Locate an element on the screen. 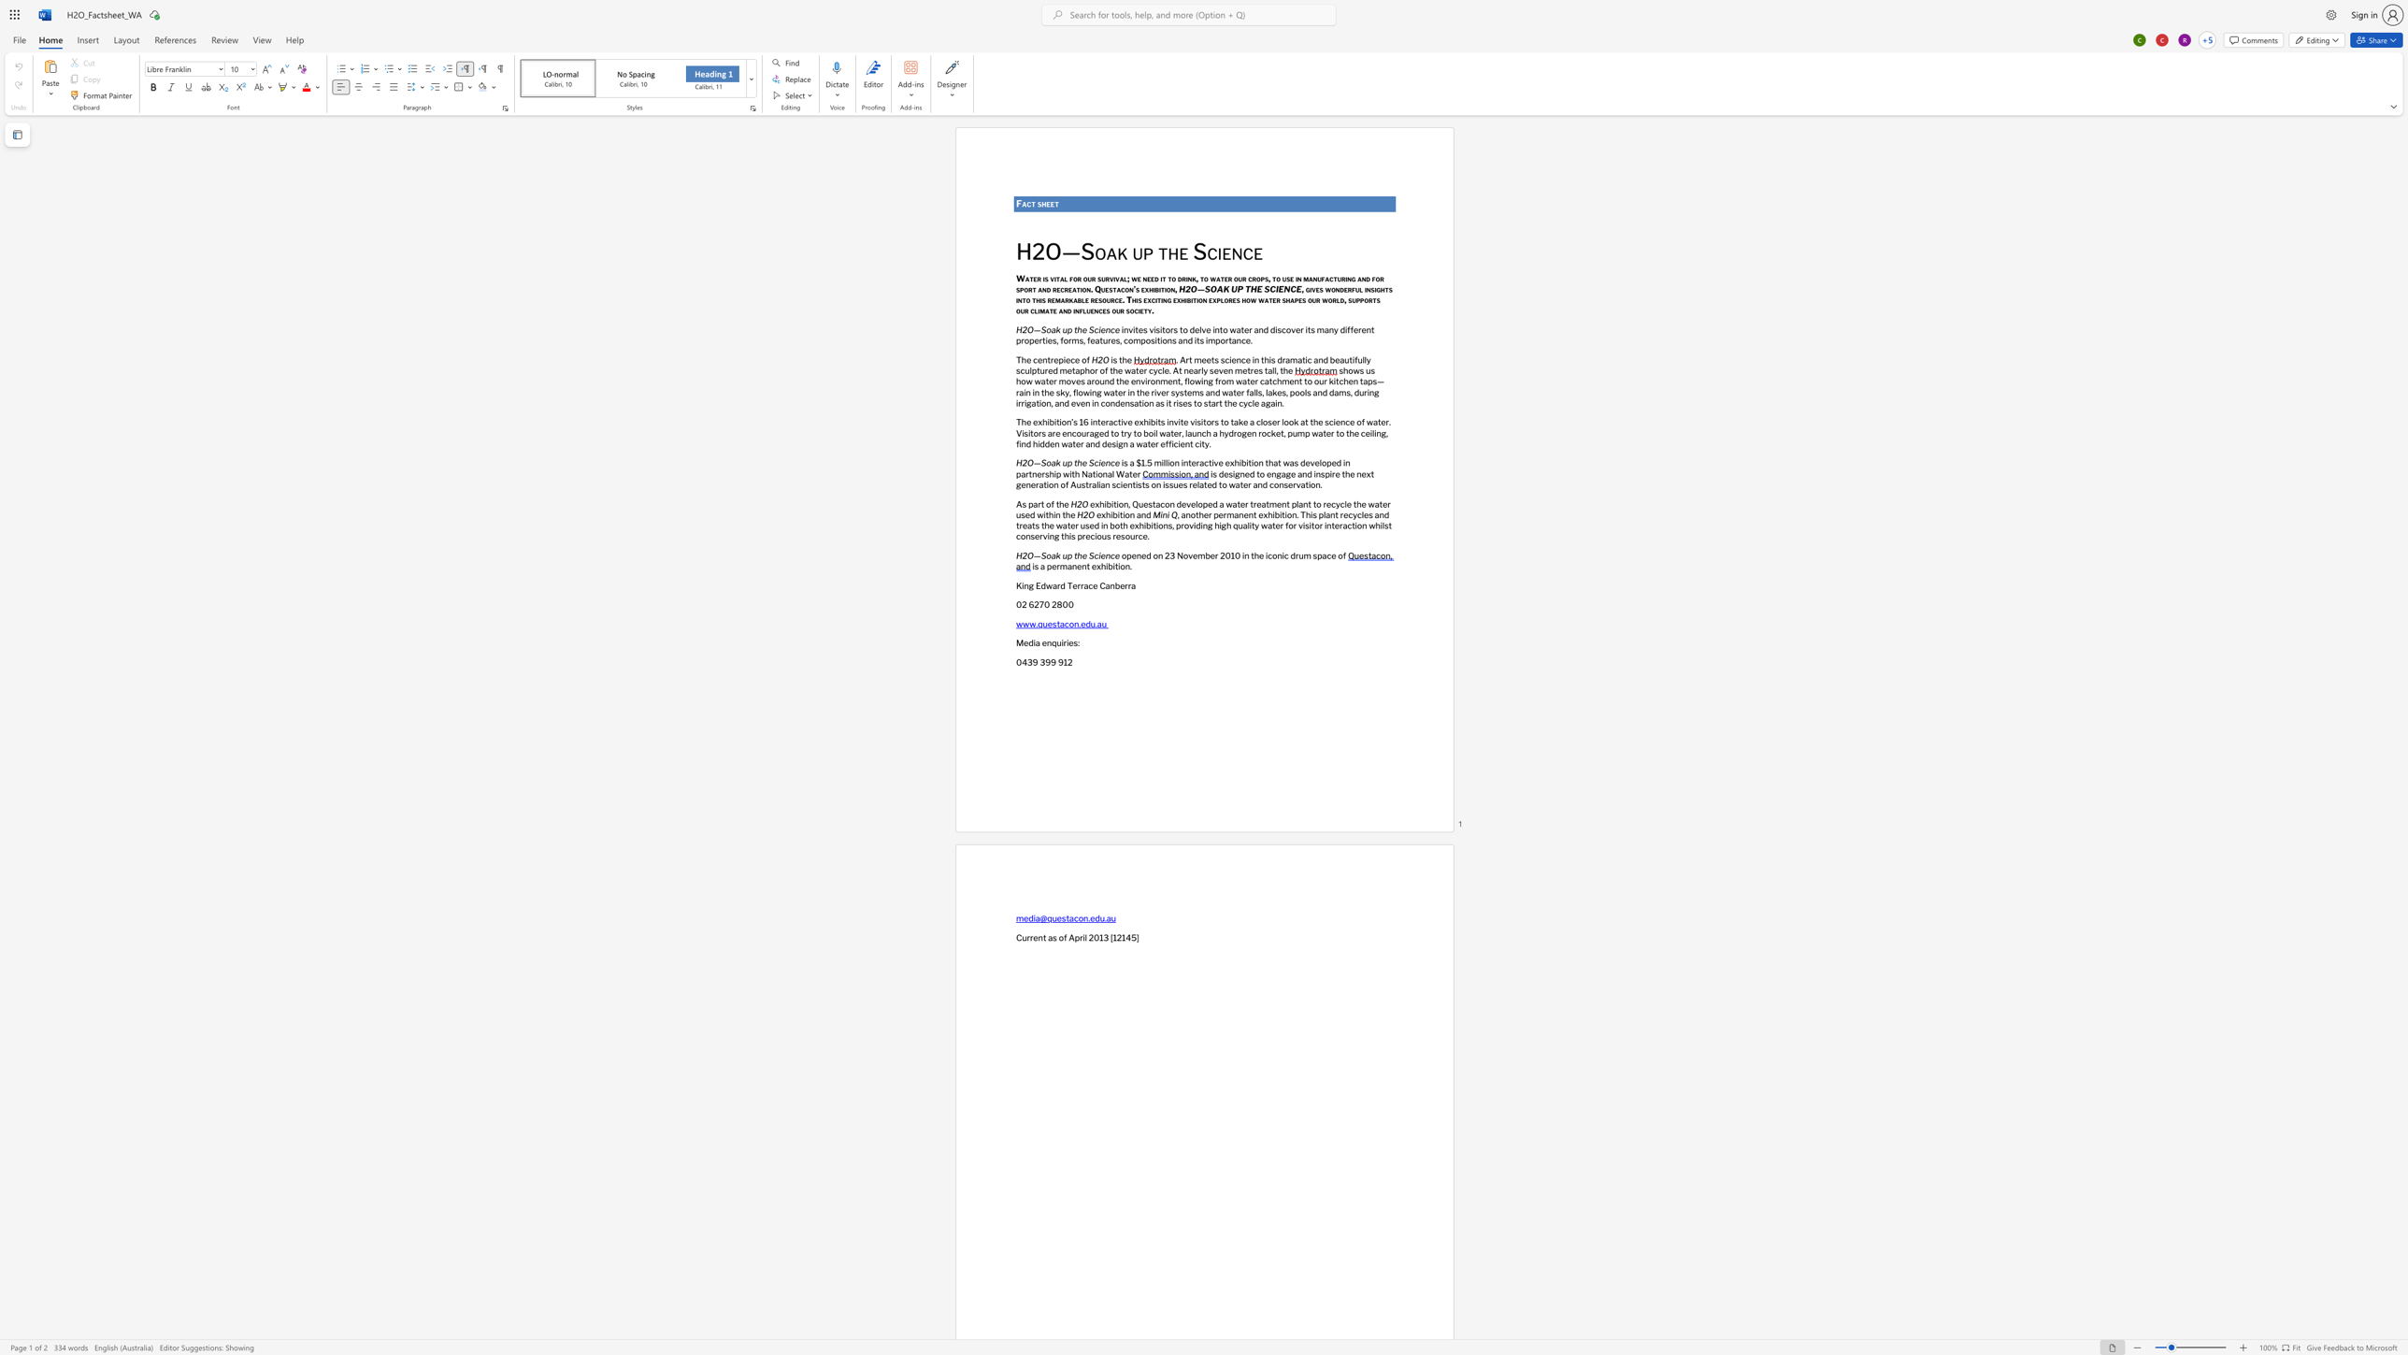 Image resolution: width=2408 pixels, height=1355 pixels. the 1th character "e" in the text is located at coordinates (1098, 513).